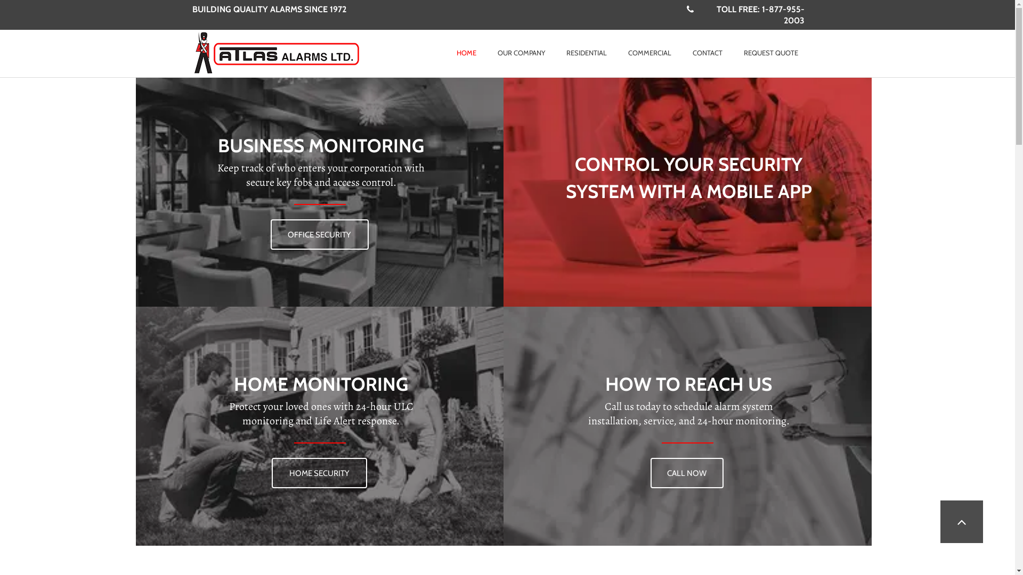 This screenshot has width=1023, height=575. Describe the element at coordinates (319, 472) in the screenshot. I see `'HOME SECURITY'` at that location.